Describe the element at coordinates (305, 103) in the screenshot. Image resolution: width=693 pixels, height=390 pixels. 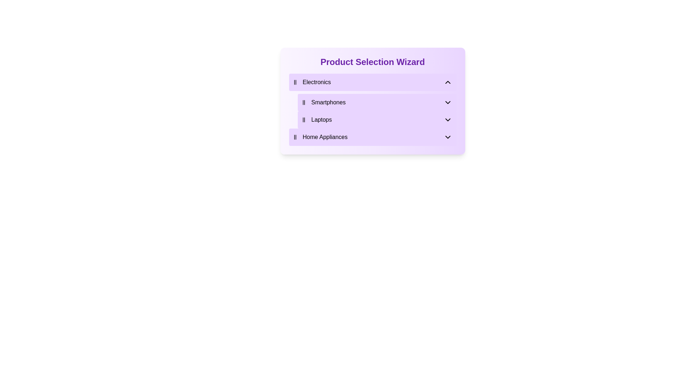
I see `the small graphic icon consisting of two parallel vertical bars, located to the left of the 'Smartphones' label in the 'Product Selection Wizard' interface` at that location.